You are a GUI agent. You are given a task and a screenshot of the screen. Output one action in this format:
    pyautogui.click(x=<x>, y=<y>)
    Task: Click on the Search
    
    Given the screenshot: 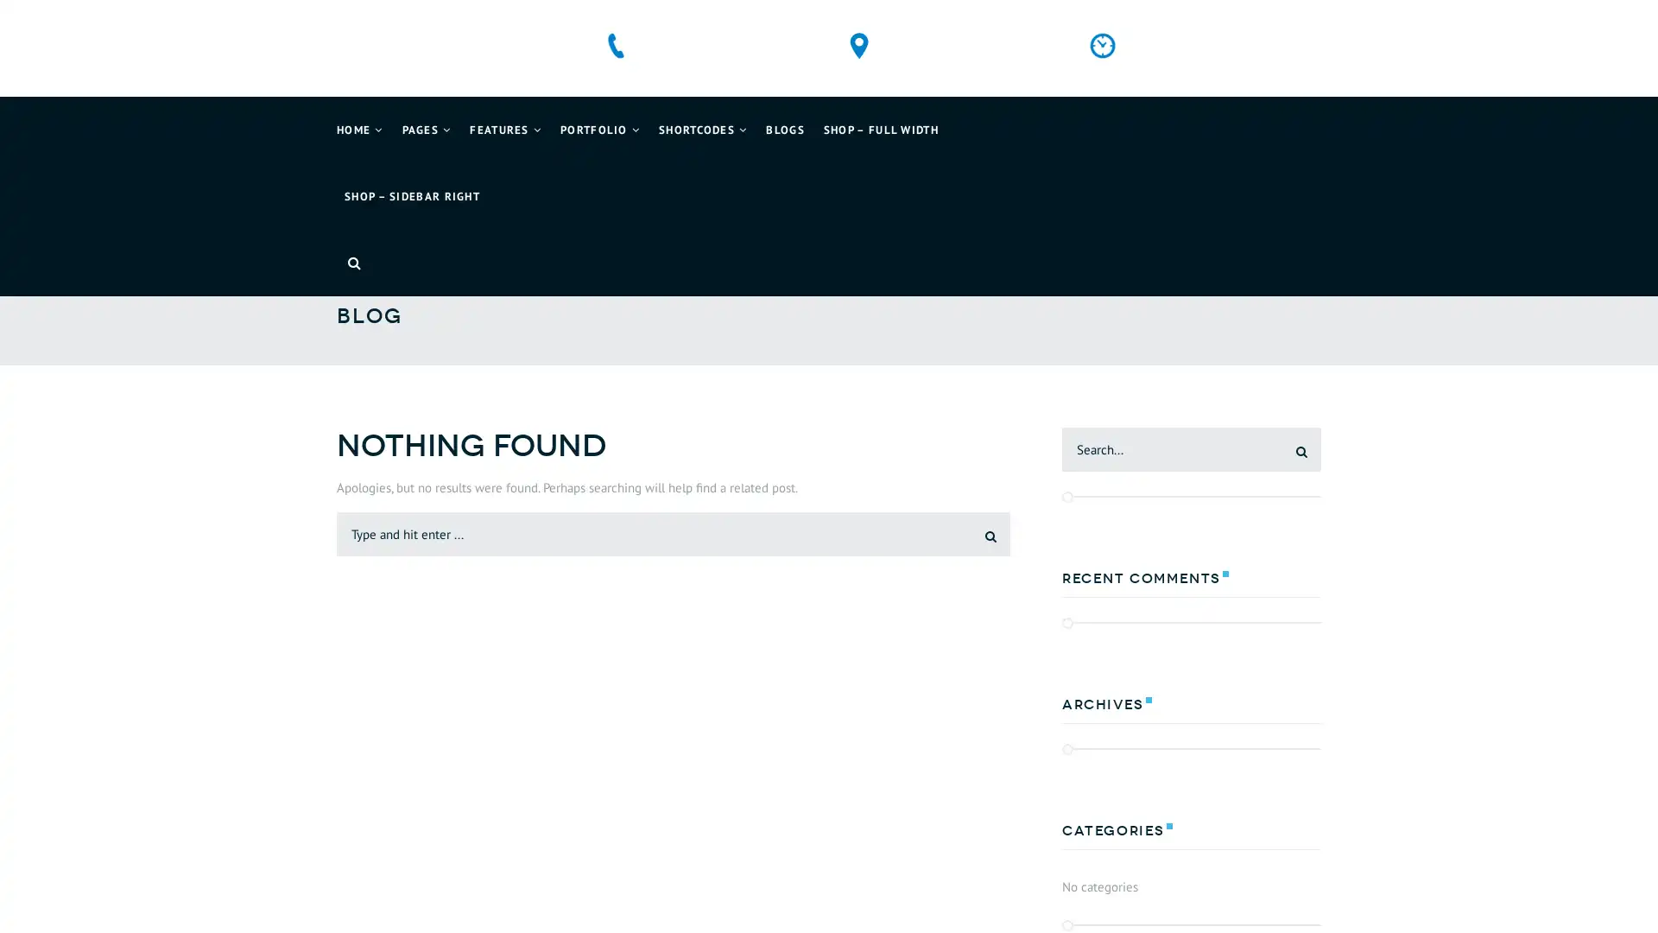 What is the action you would take?
    pyautogui.click(x=978, y=532)
    